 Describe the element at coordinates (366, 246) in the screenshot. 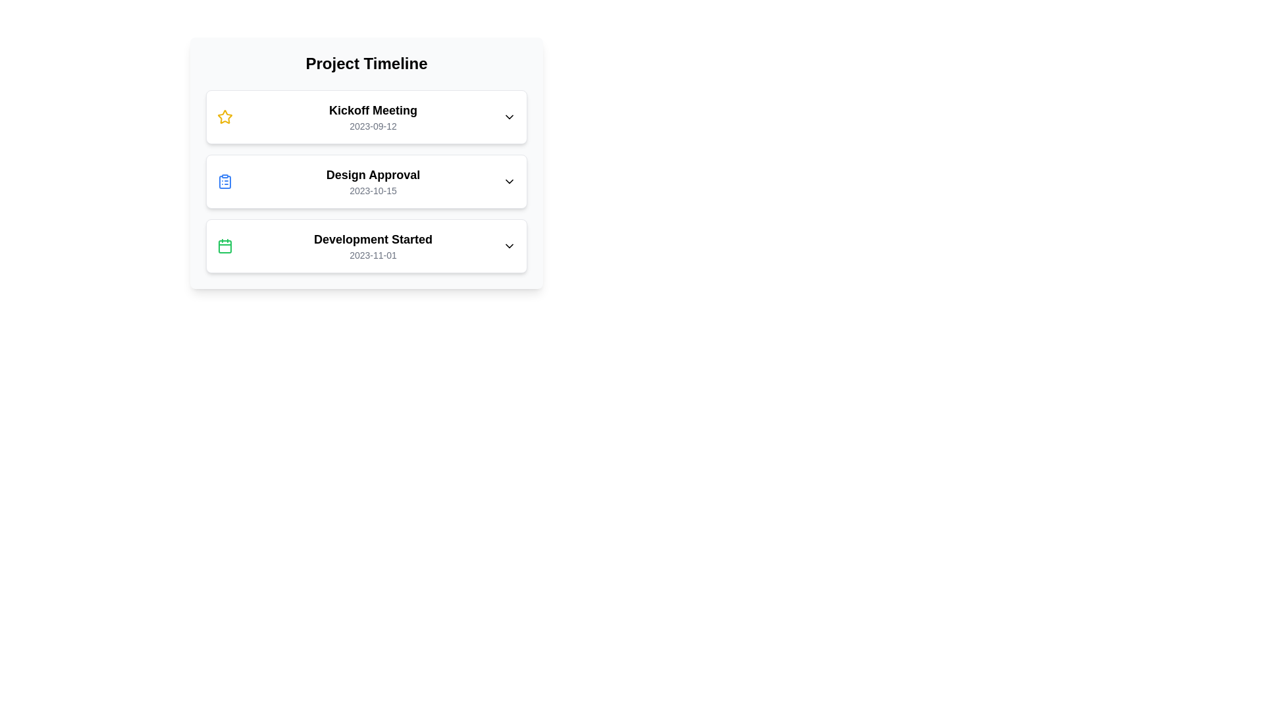

I see `the third item in the vertically stacked list of cards, which has a white background and contains the title 'Development Started'` at that location.